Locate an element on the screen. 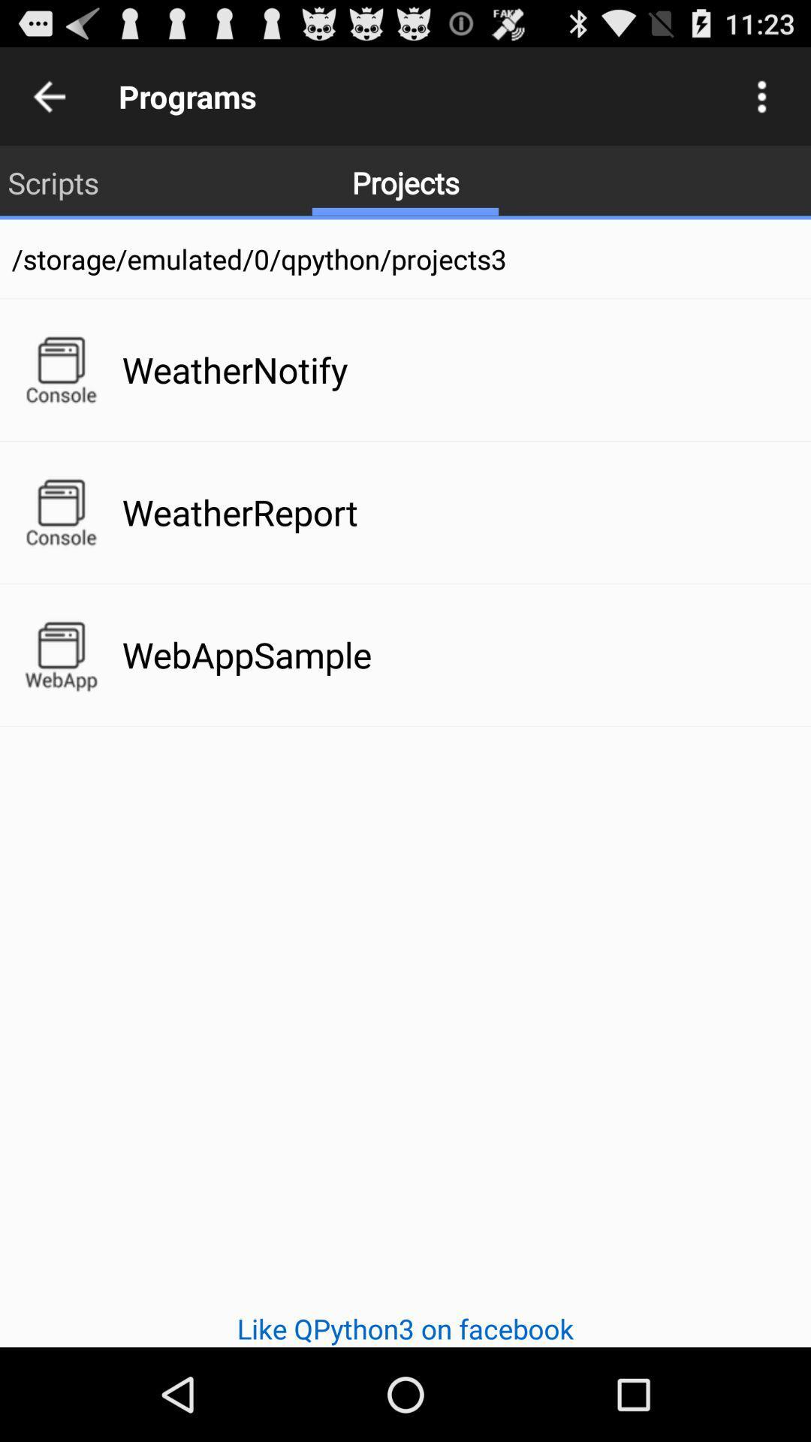 This screenshot has height=1442, width=811. the iconn left side to weathernotify is located at coordinates (60, 370).